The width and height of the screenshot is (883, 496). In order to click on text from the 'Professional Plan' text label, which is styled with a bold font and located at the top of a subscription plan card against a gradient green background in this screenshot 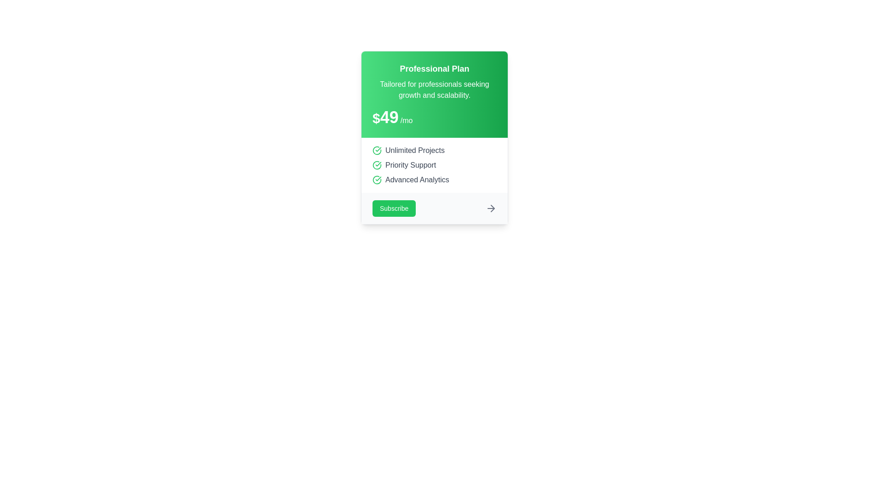, I will do `click(434, 68)`.